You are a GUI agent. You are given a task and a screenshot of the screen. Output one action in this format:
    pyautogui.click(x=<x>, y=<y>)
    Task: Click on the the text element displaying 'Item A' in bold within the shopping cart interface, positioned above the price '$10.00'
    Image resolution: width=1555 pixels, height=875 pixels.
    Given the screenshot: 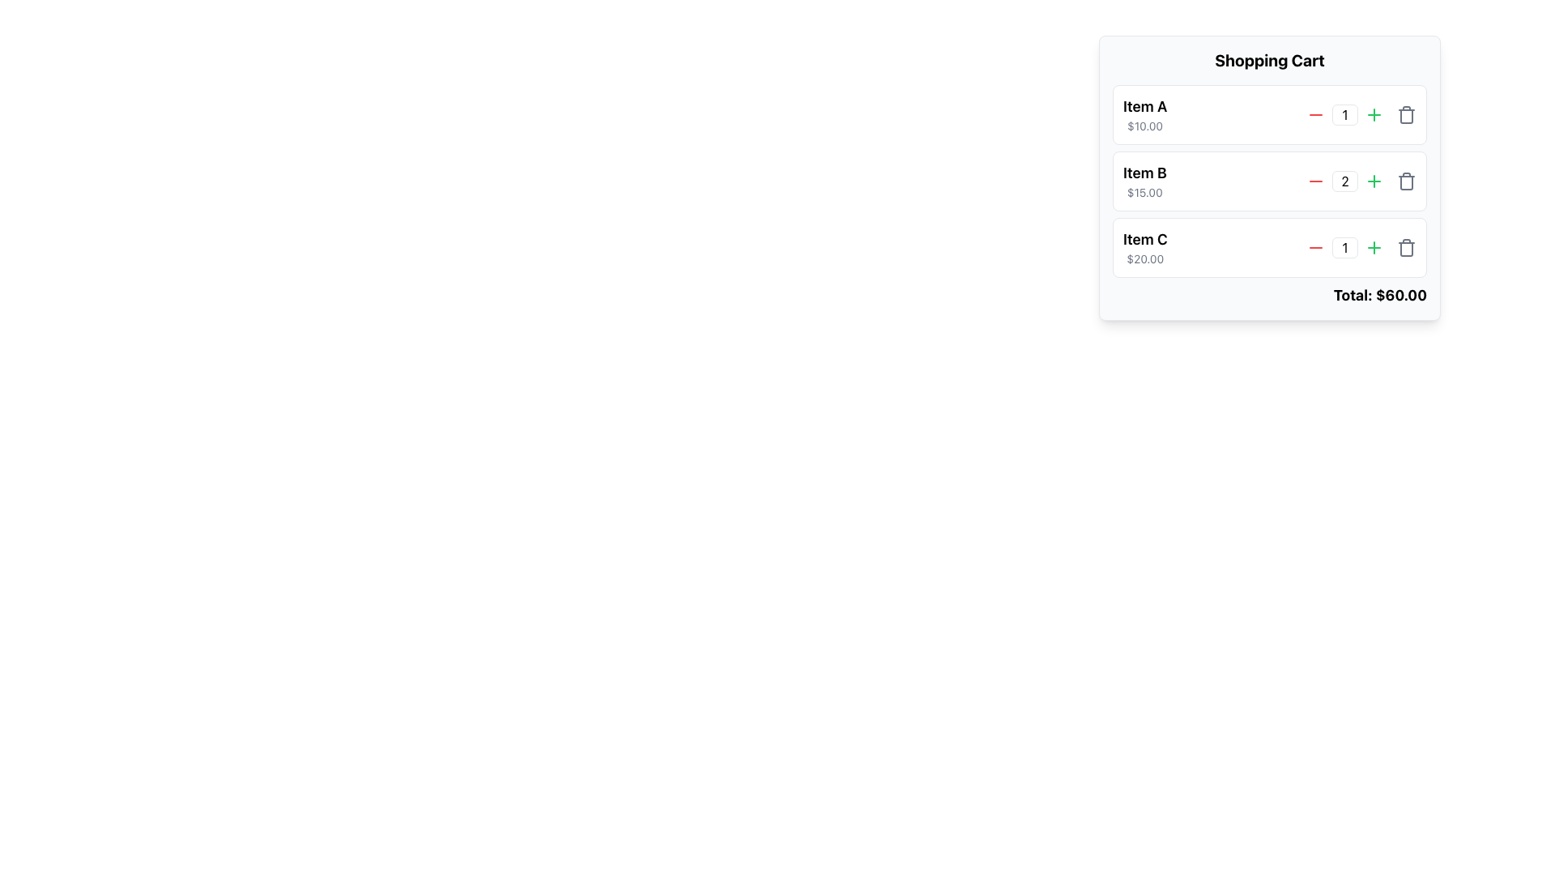 What is the action you would take?
    pyautogui.click(x=1144, y=106)
    